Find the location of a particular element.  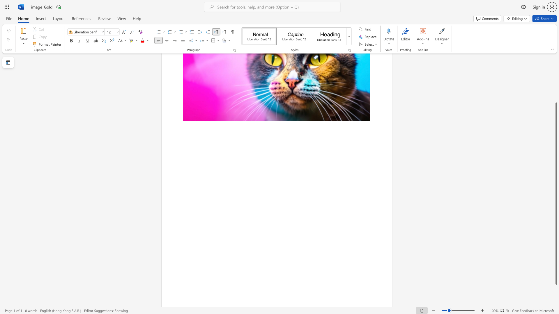

the scrollbar and move down 30 pixels is located at coordinates (556, 194).